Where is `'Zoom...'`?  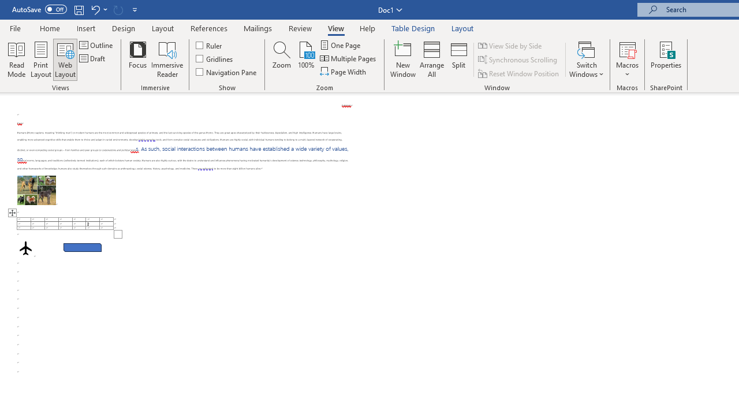
'Zoom...' is located at coordinates (282, 60).